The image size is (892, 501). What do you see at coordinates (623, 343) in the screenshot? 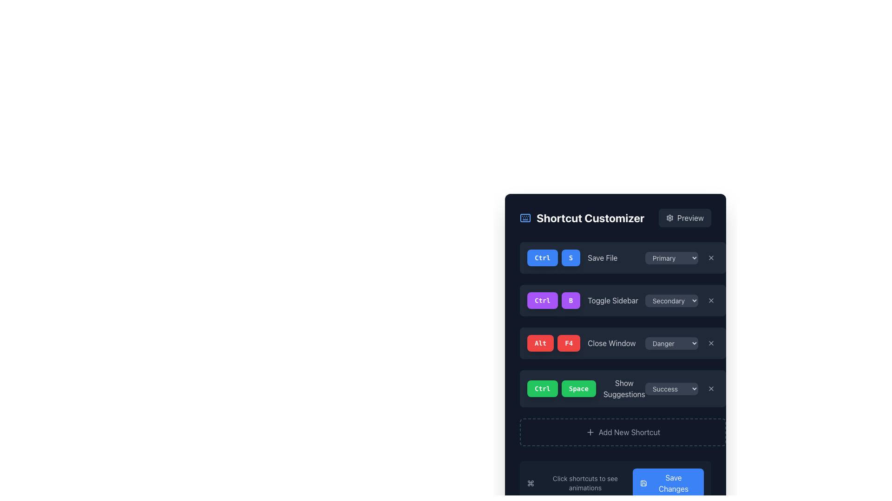
I see `the third item in the vertically stacked list of keyboard shortcuts in the right-side panel, which displays key labels, description, and dropdown` at bounding box center [623, 343].